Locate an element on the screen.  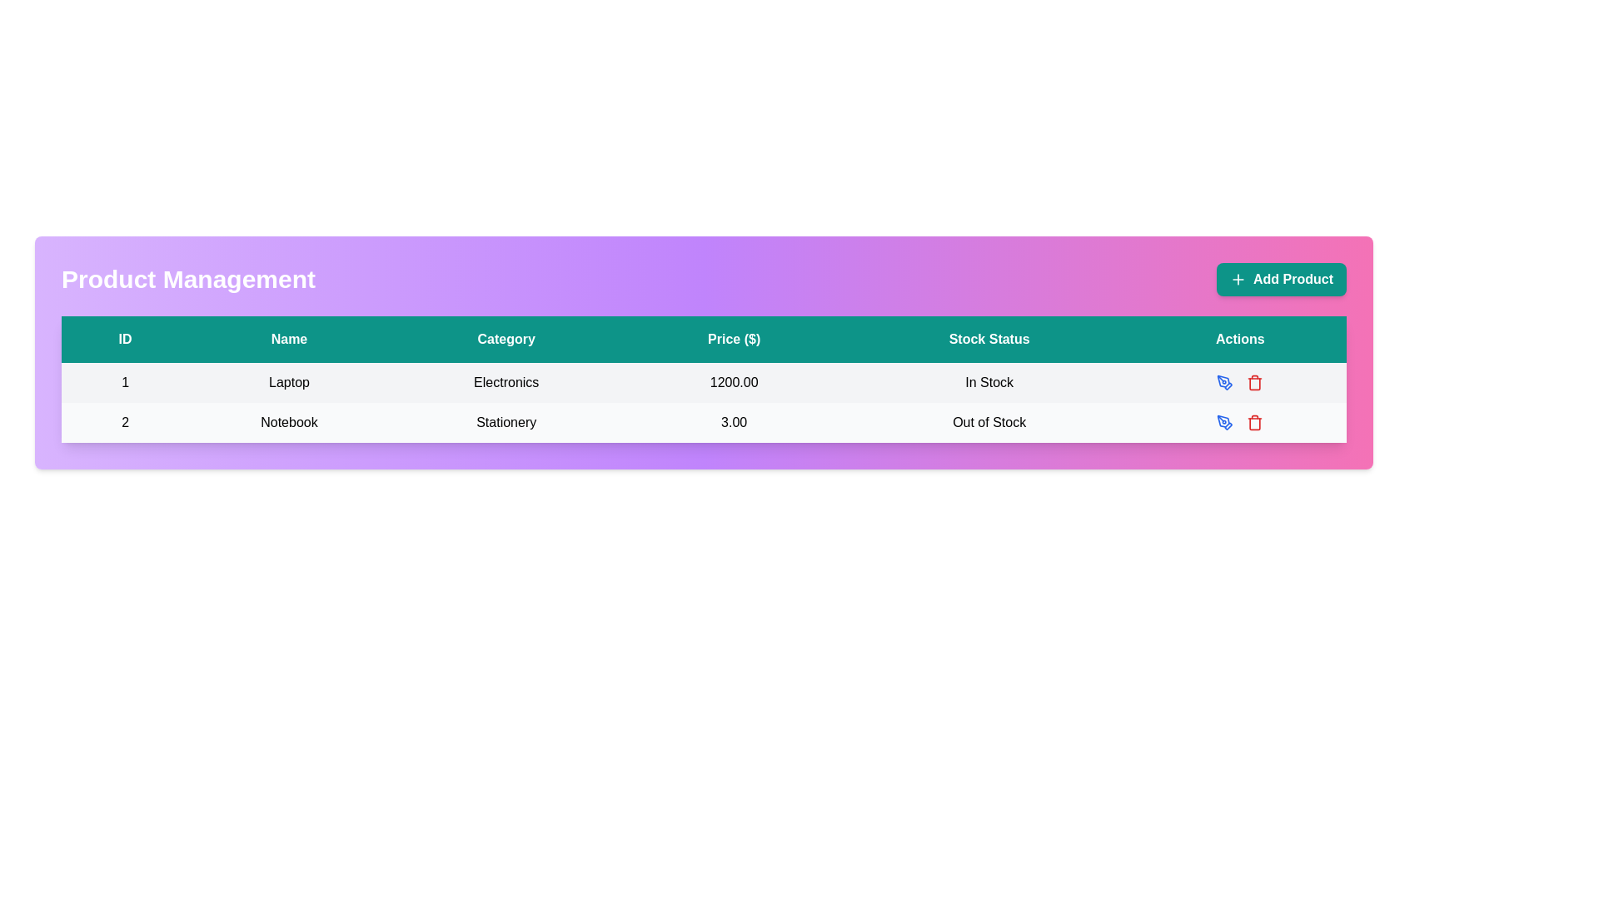
the pen tool icon in the Actions column of the second row associated with the Notebook product is located at coordinates (1223, 381).